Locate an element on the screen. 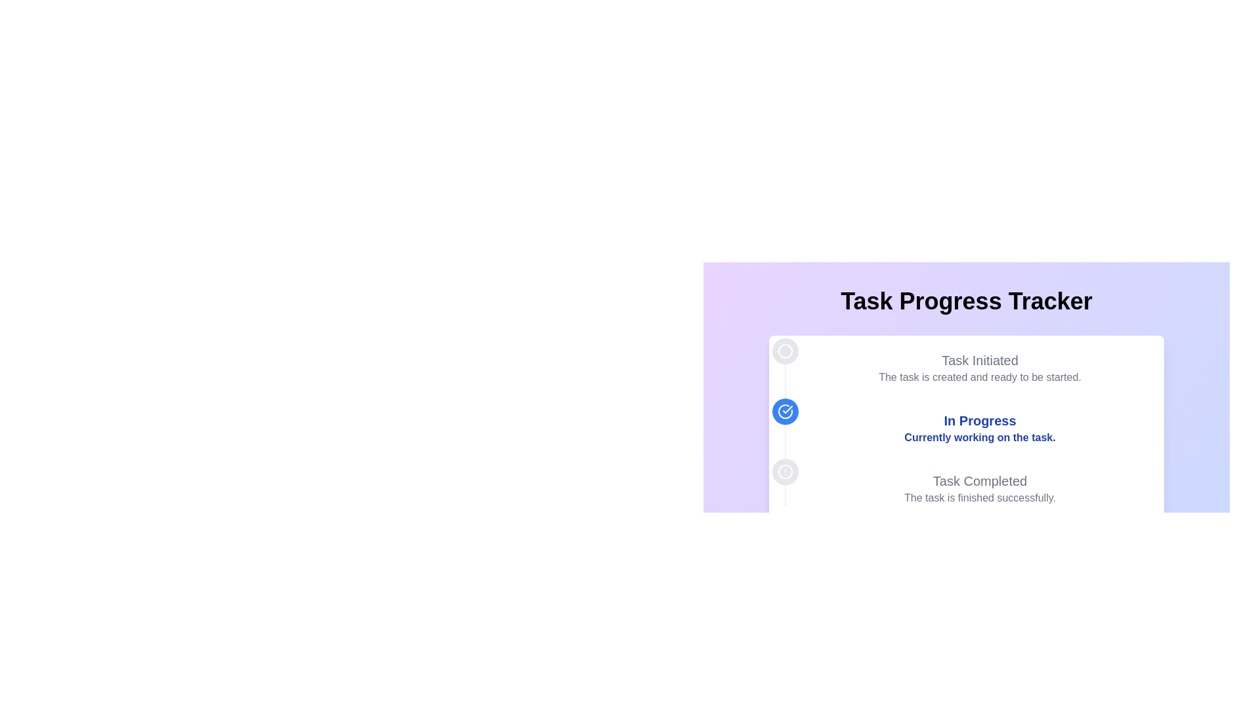 Image resolution: width=1260 pixels, height=708 pixels. the text label displaying 'Task Completed', which is a large gray font label located in the bottom section of the progress tracker layout is located at coordinates (980, 481).